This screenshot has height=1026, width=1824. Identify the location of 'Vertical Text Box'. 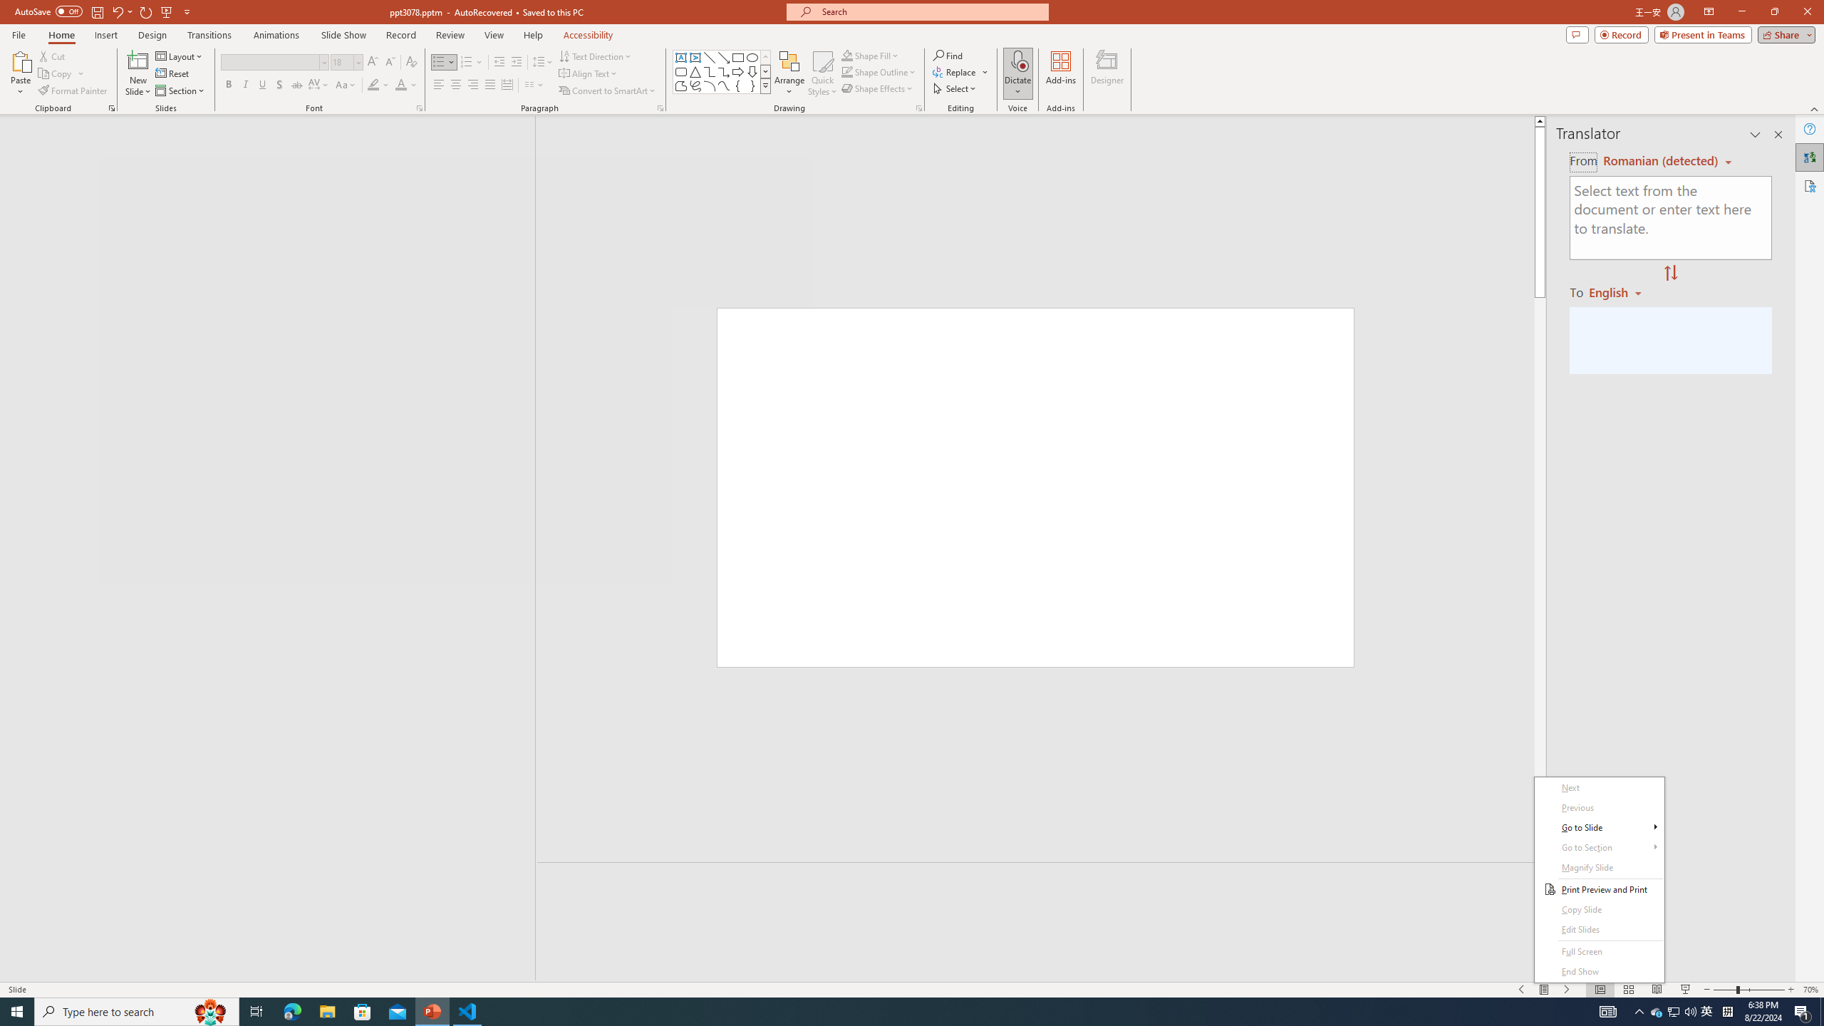
(694, 57).